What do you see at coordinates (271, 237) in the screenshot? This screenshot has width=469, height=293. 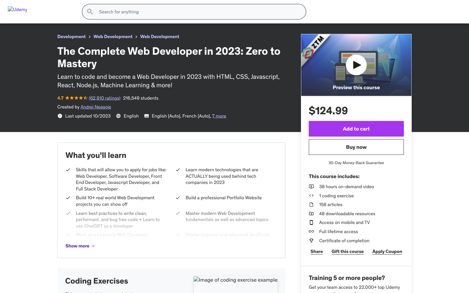 I see `Increase the photo size for better visibility of the garments` at bounding box center [271, 237].